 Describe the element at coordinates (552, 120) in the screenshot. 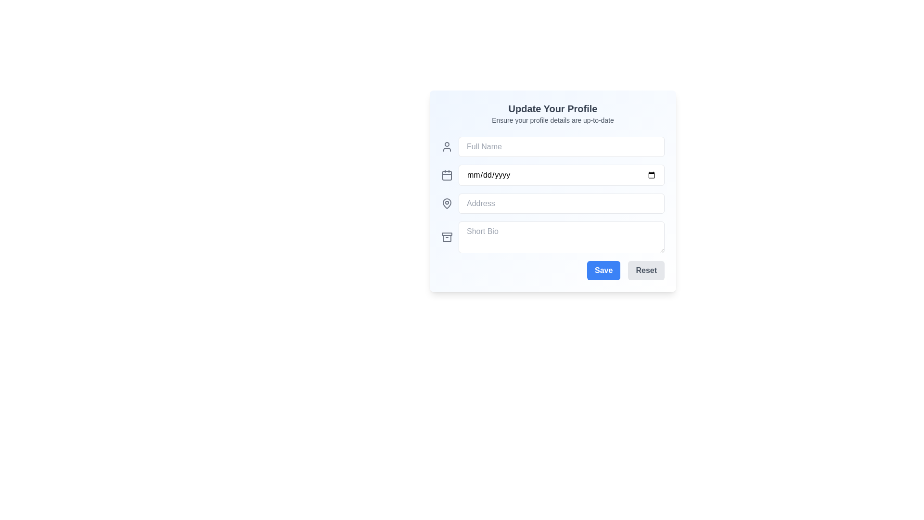

I see `the informational text label that guides the user in maintaining accurate and updated profile details, positioned below the title 'Update Your Profile' and above the input fields` at that location.